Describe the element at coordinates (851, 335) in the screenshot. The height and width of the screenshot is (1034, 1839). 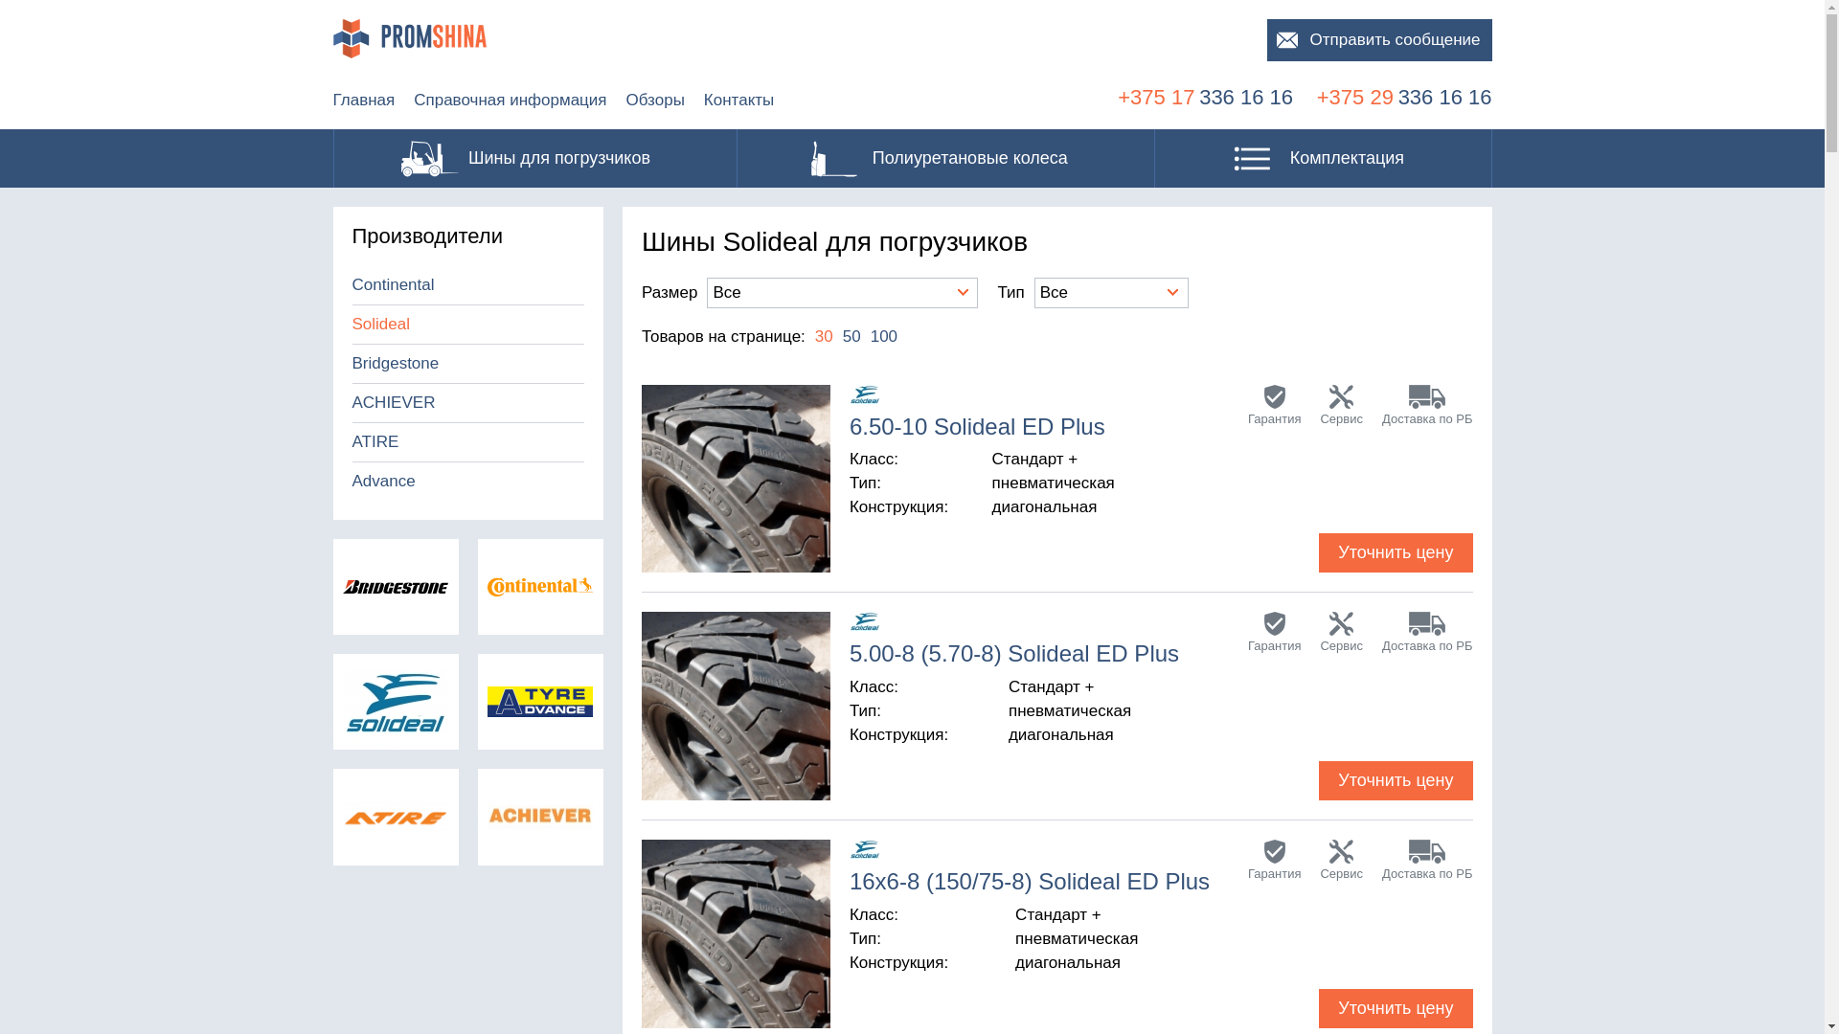
I see `'50'` at that location.